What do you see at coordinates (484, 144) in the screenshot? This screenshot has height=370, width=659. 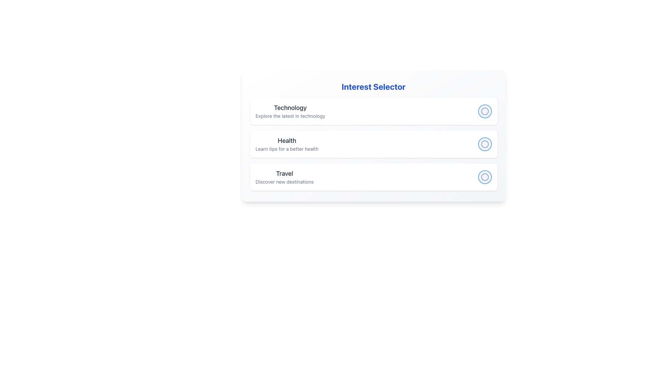 I see `the Circular SVG graphic that represents the selection state indicator for the 'Health' option, which is part of a trio of circular buttons` at bounding box center [484, 144].